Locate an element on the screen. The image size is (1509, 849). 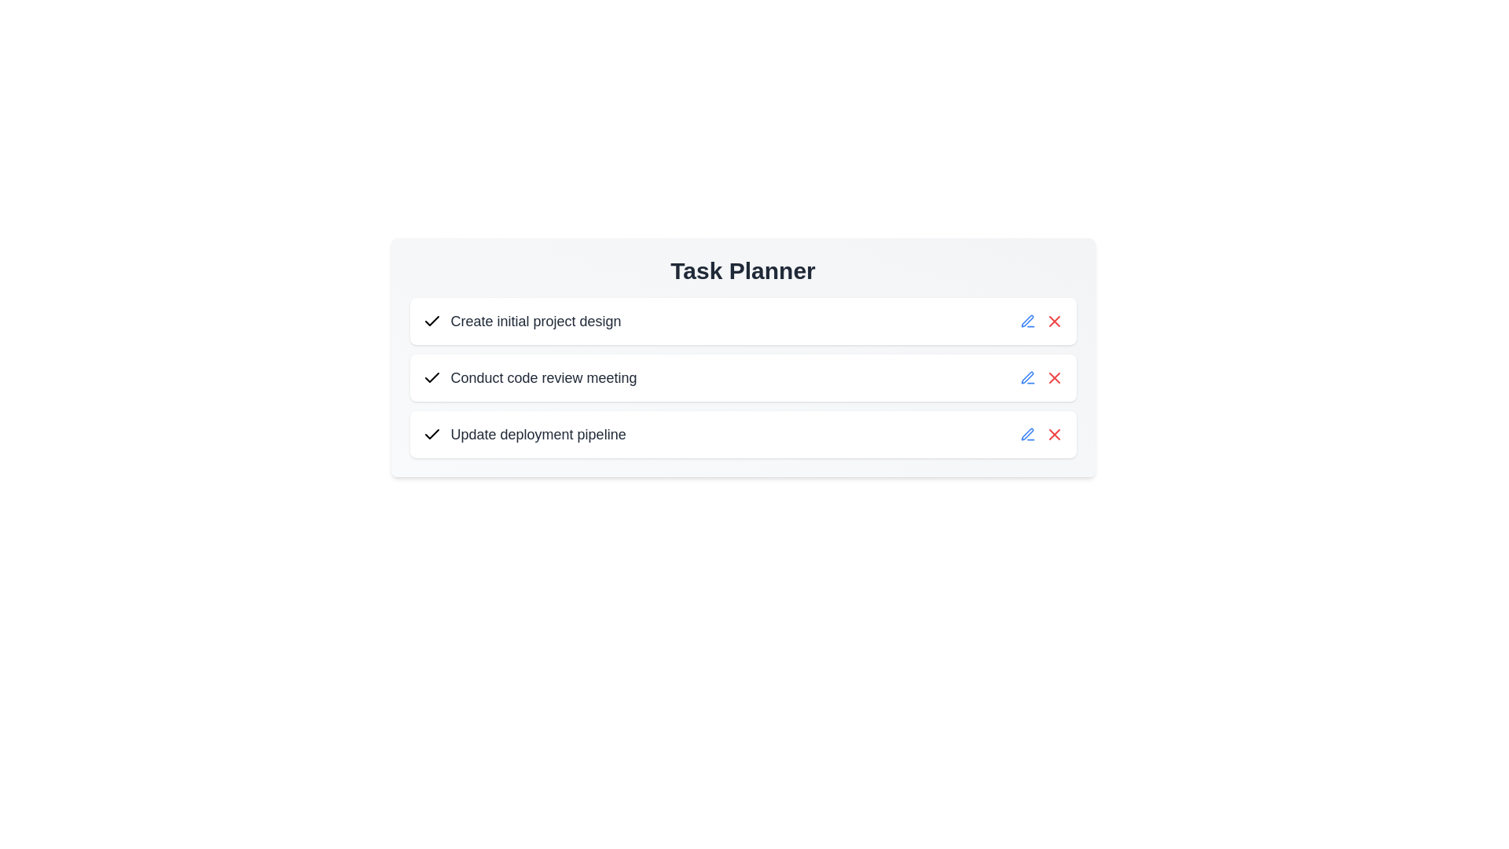
the text label displaying the title or description of the third task in the vertical list within the task management application is located at coordinates (524, 434).